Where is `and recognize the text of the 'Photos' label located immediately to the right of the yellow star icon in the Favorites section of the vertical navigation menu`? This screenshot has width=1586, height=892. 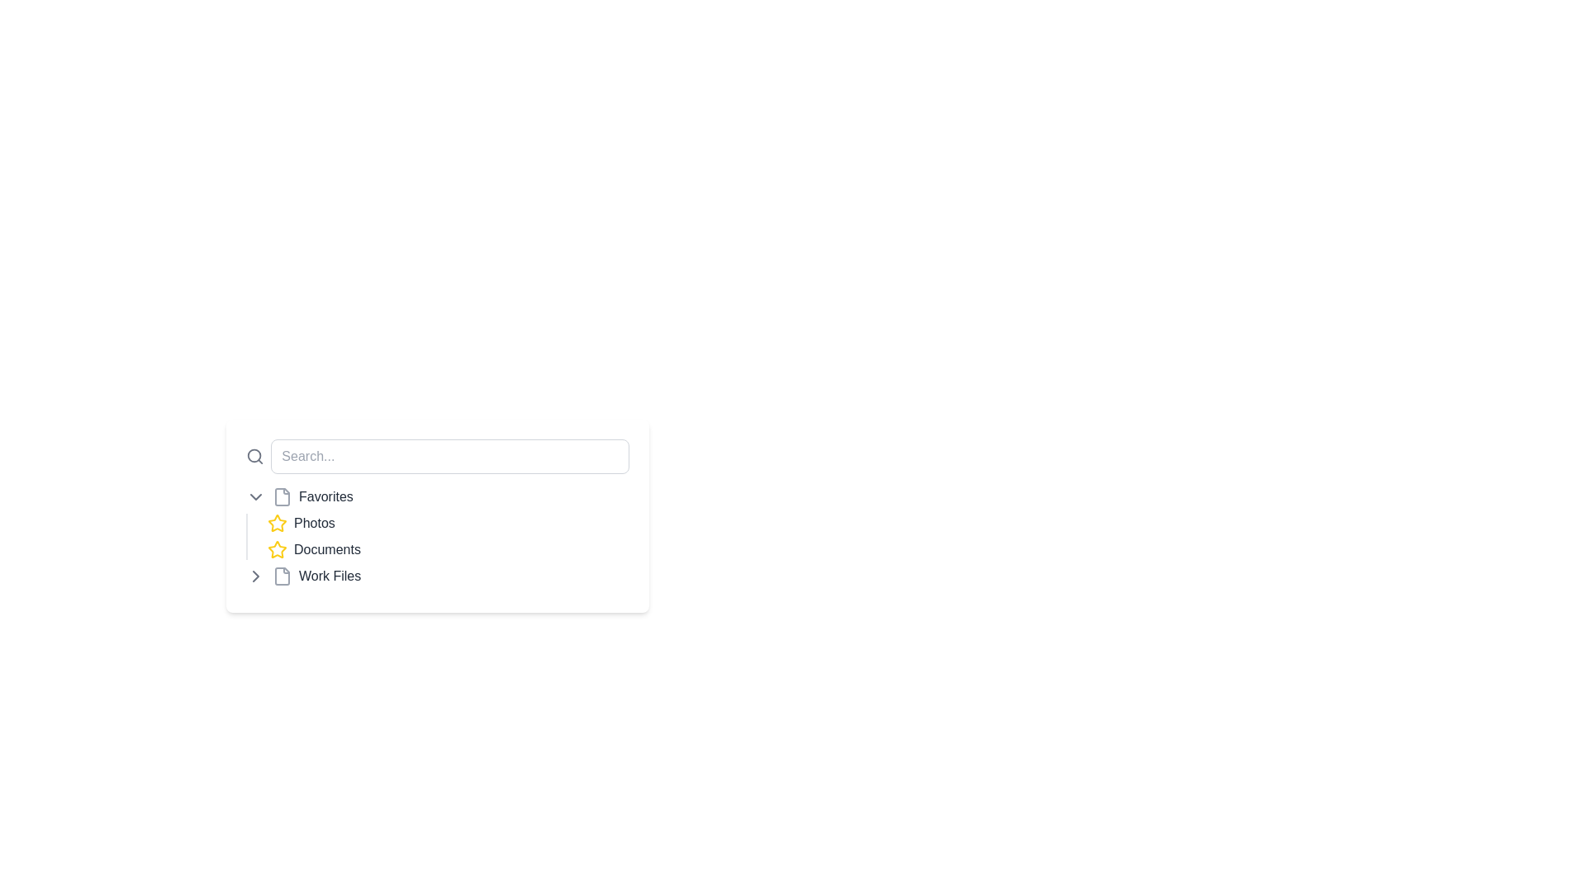
and recognize the text of the 'Photos' label located immediately to the right of the yellow star icon in the Favorites section of the vertical navigation menu is located at coordinates (314, 523).